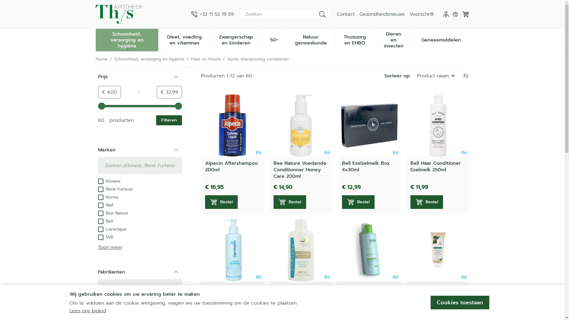 The width and height of the screenshot is (569, 320). What do you see at coordinates (108, 197) in the screenshot?
I see `'Korres'` at bounding box center [108, 197].